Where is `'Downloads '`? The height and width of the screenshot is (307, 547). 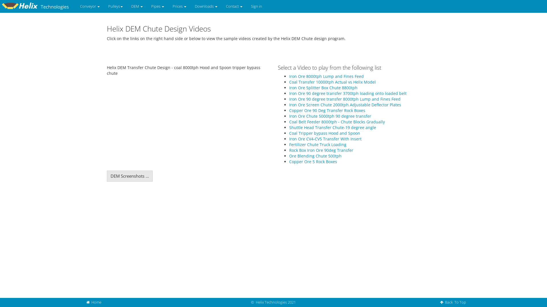
'Downloads ' is located at coordinates (190, 6).